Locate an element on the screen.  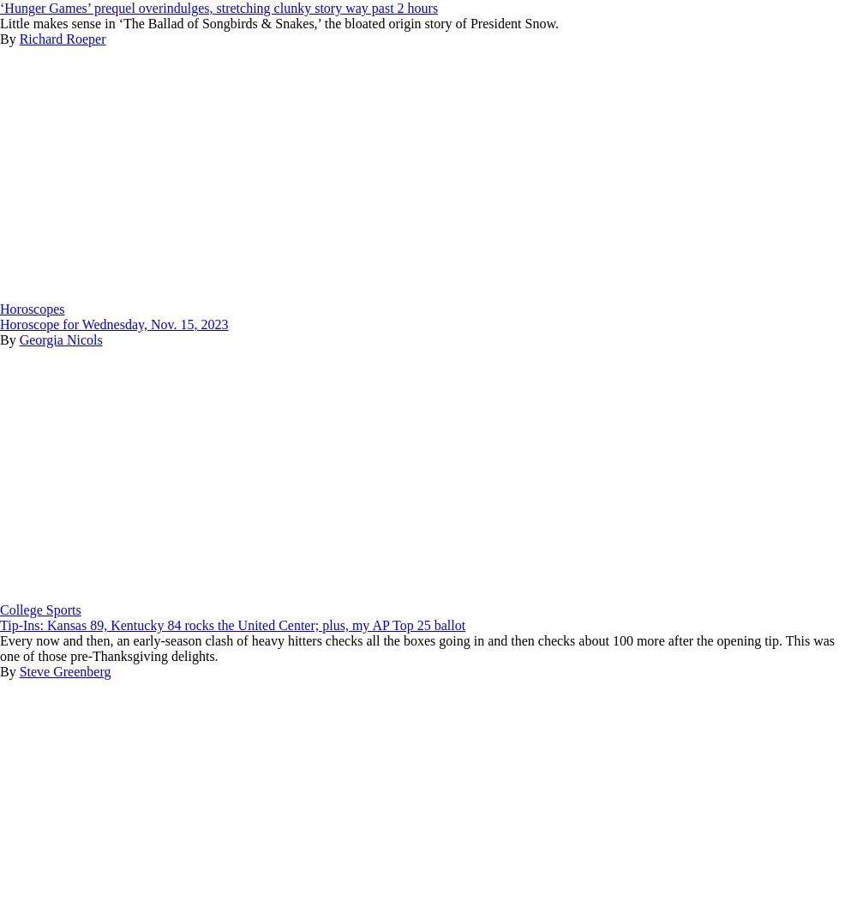
'Horoscopes' is located at coordinates (0, 308).